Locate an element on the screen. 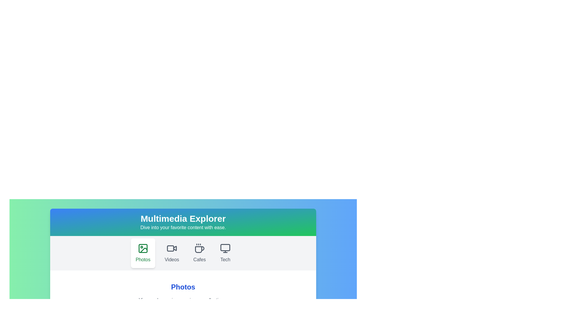  the Cafes tab by clicking its button is located at coordinates (199, 253).